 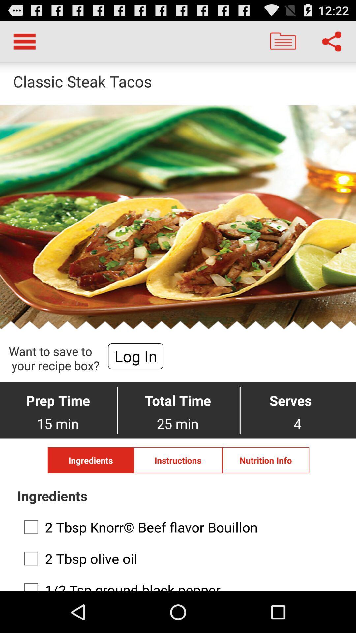 I want to click on text instructions, so click(x=178, y=460).